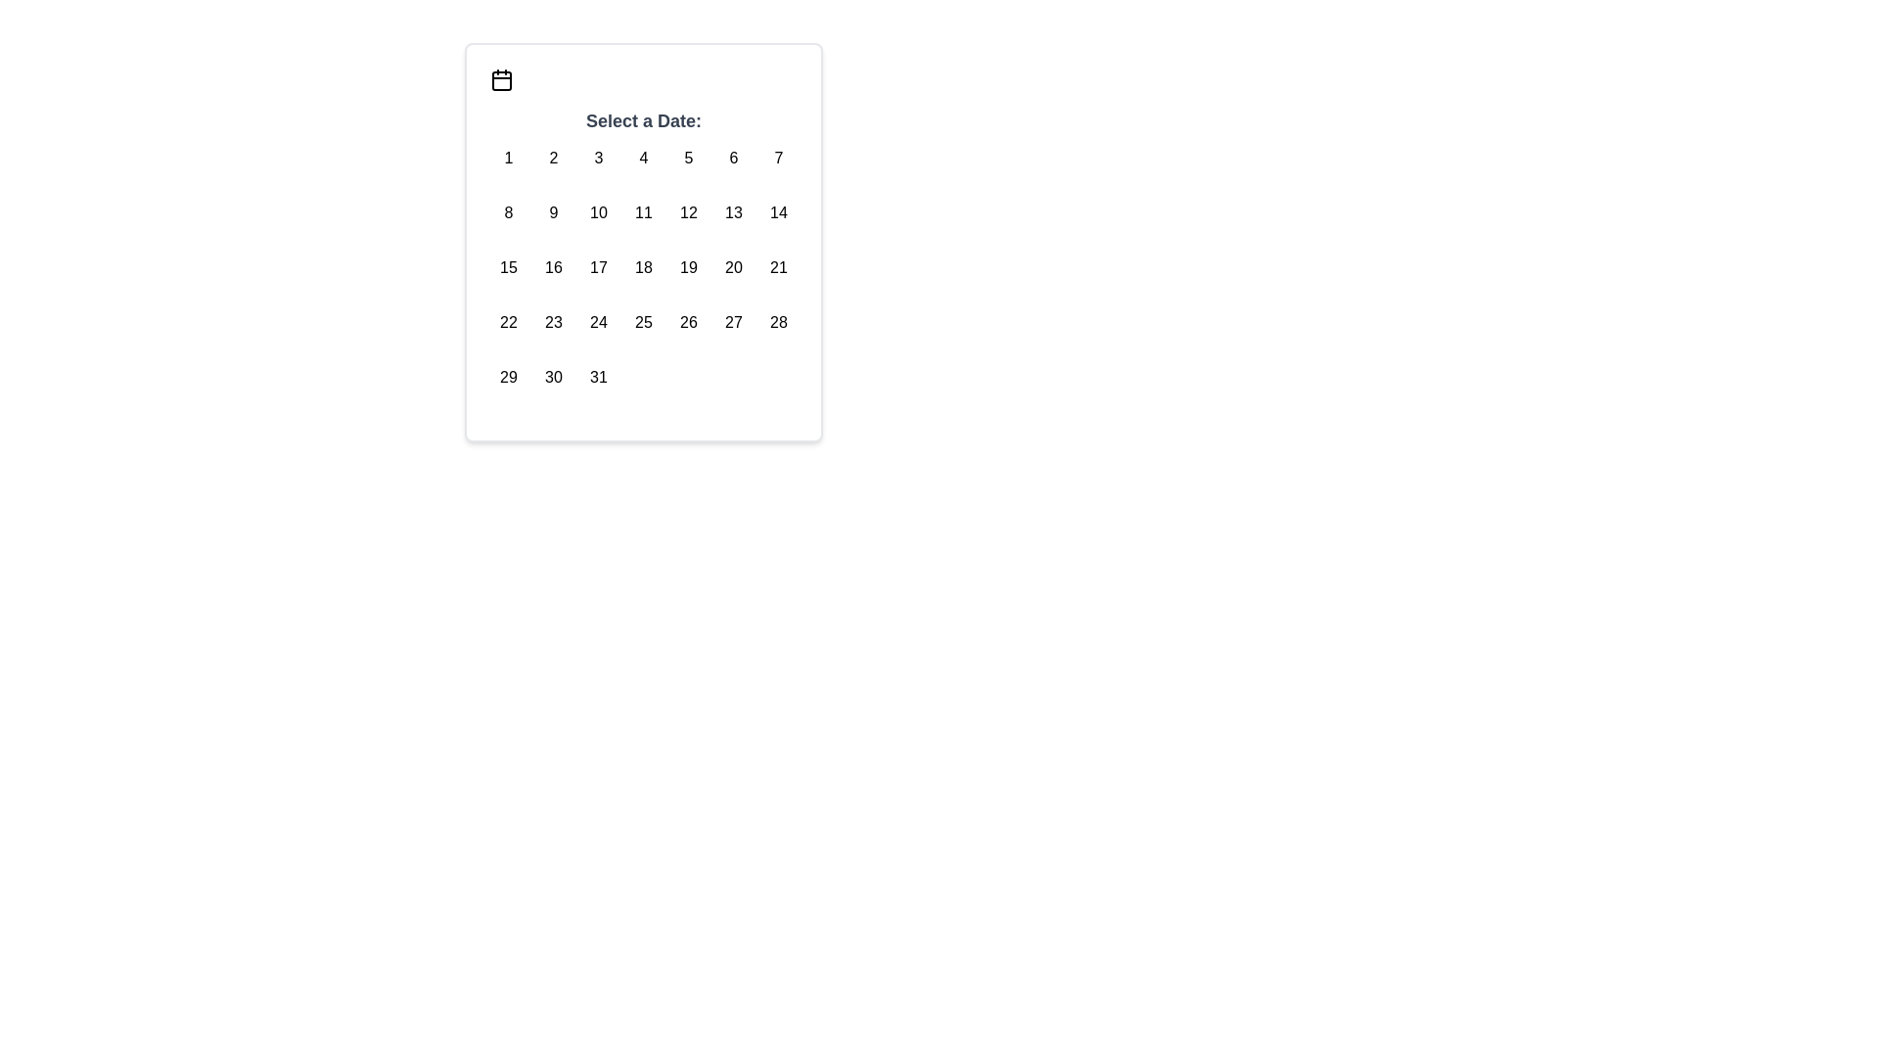 This screenshot has width=1879, height=1057. Describe the element at coordinates (732, 213) in the screenshot. I see `the button representing the numerical value '13' located in the second row and sixth column of a 7-column grid layout` at that location.